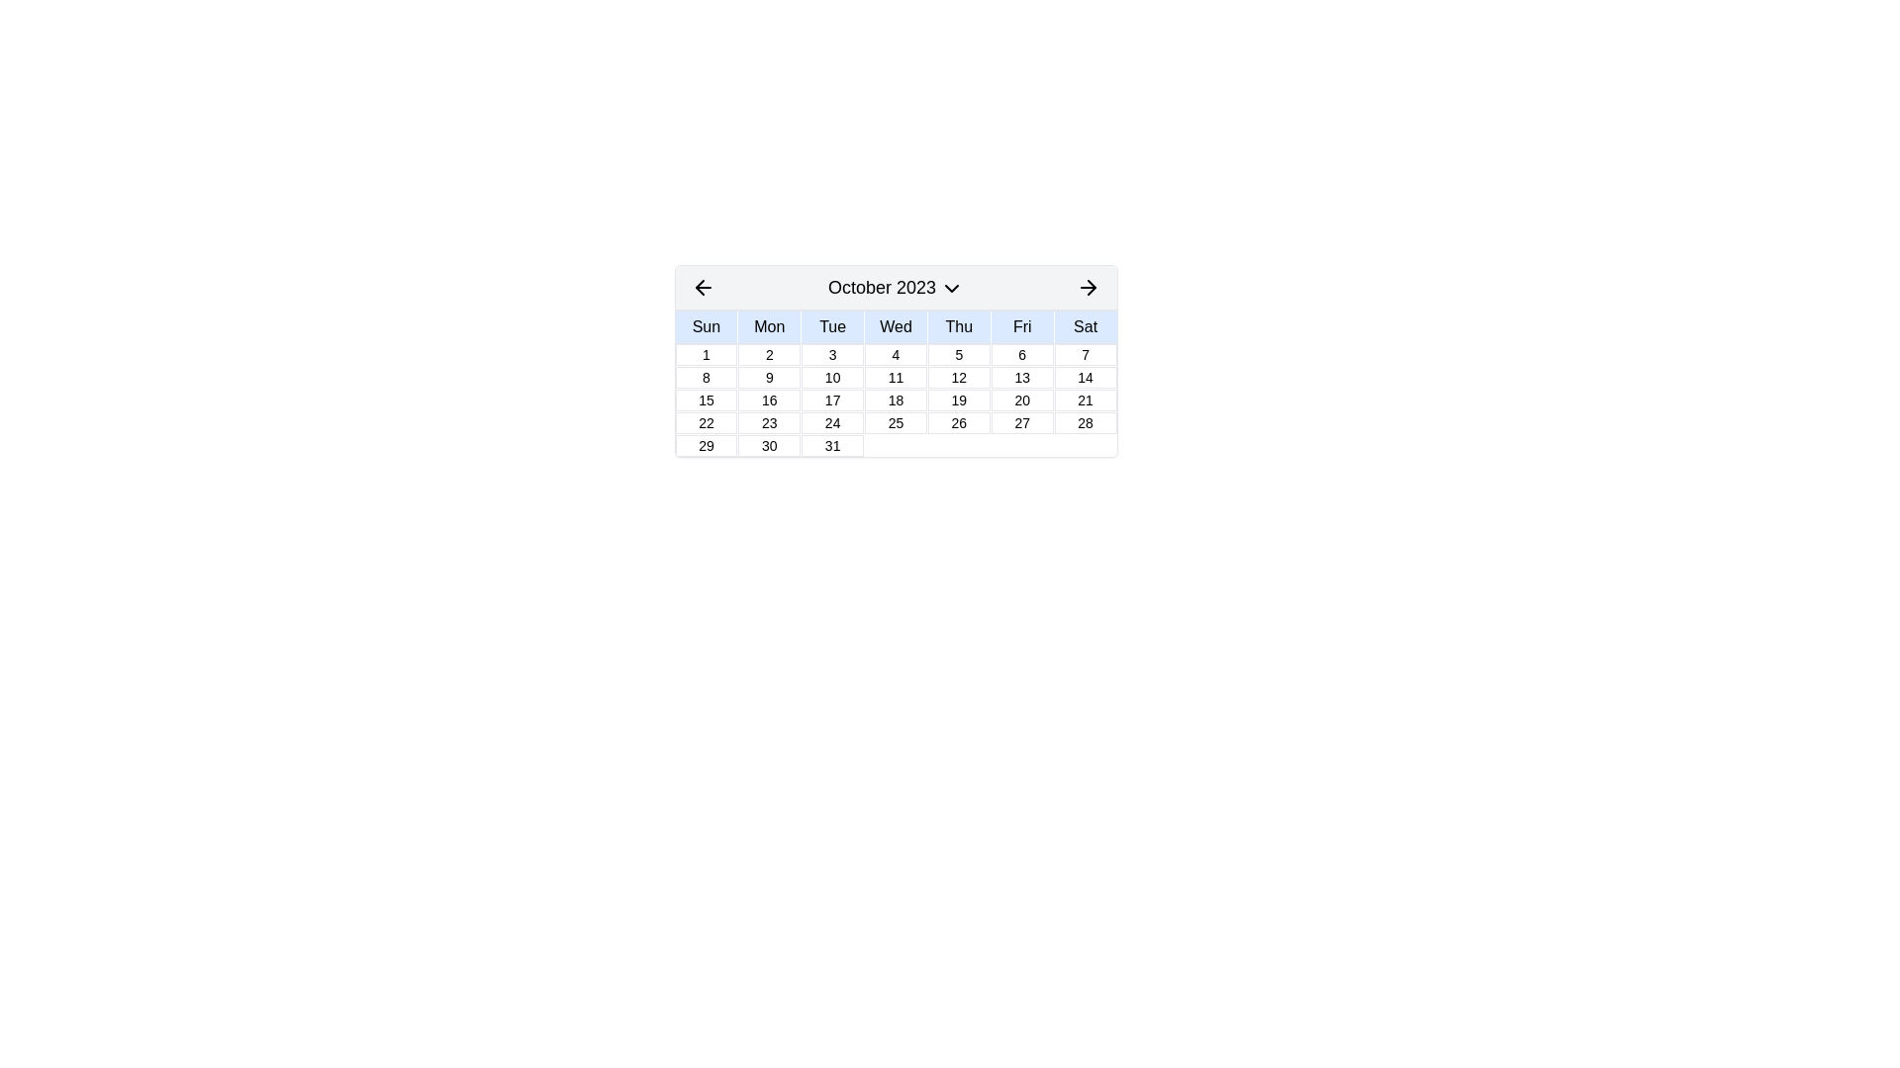 The image size is (1900, 1068). Describe the element at coordinates (959, 377) in the screenshot. I see `the Label representing the 12th day of the month in the calendar view, located in the second row and fifth column` at that location.